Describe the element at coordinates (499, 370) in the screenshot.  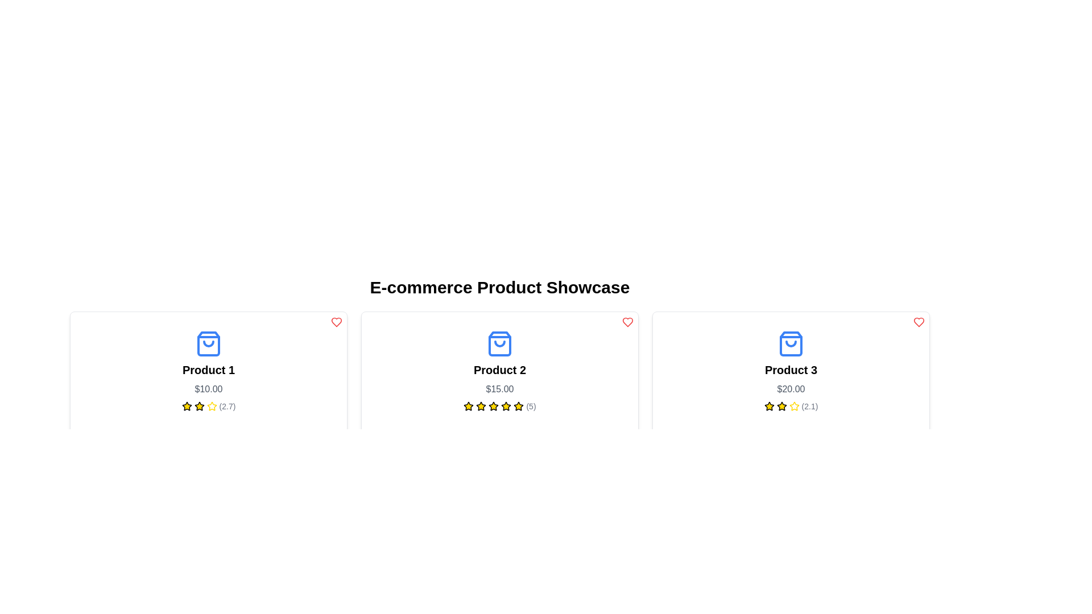
I see `the bold text displaying 'Product 2' located in the central product card of the e-commerce layout` at that location.